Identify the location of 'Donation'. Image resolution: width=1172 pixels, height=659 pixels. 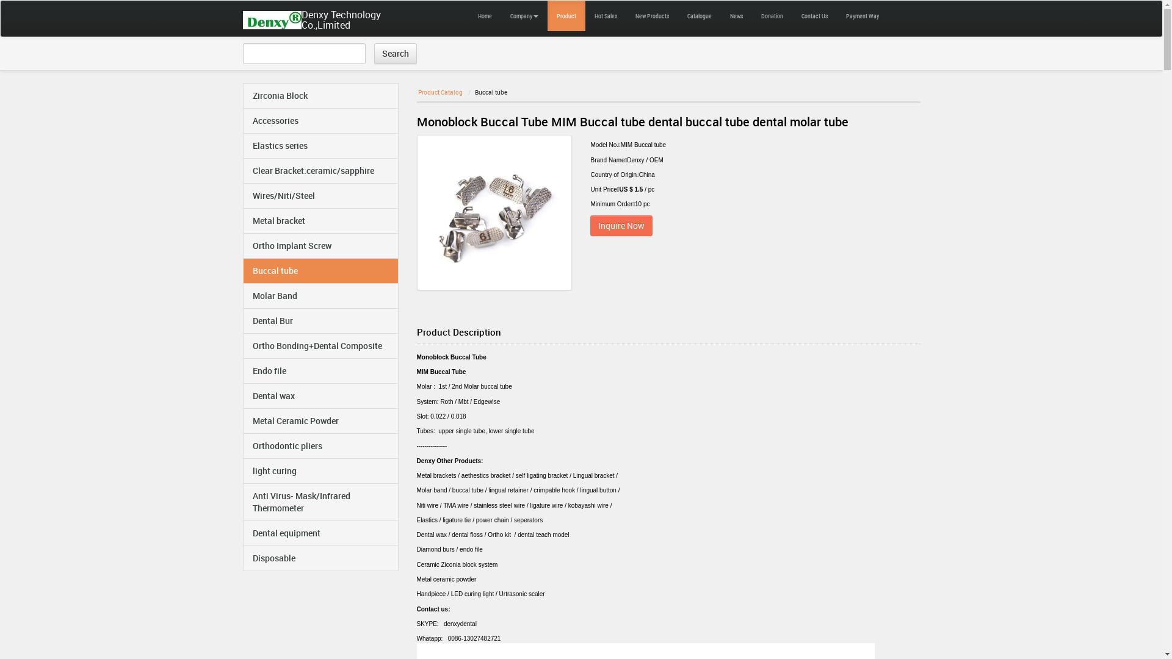
(772, 16).